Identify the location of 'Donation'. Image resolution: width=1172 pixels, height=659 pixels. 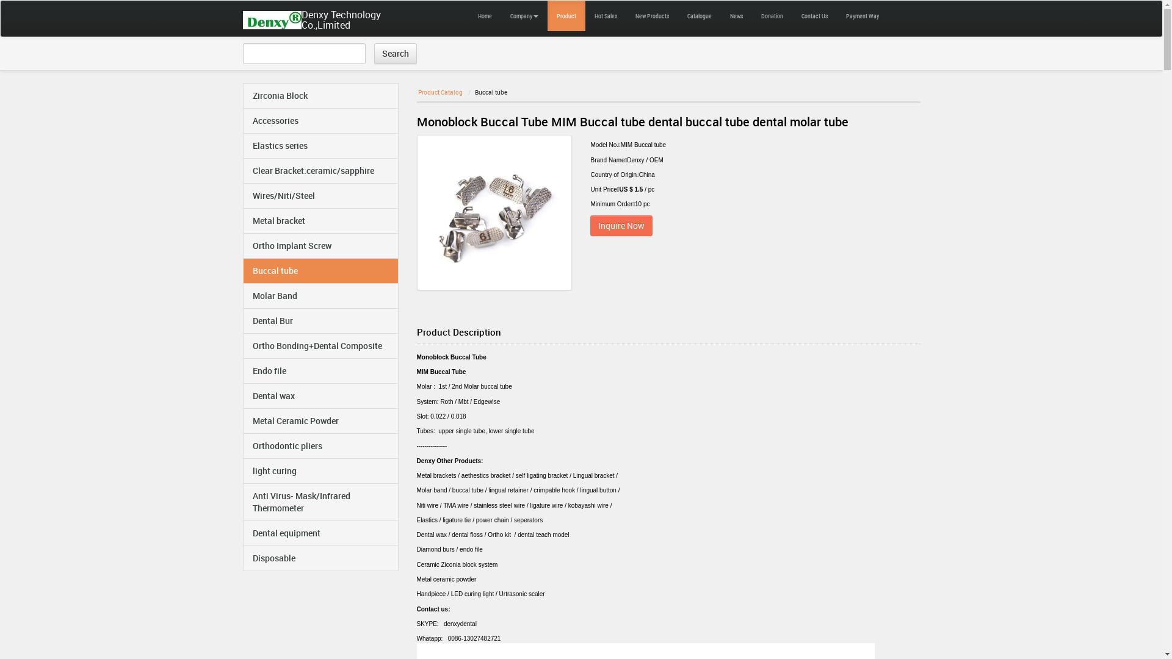
(772, 16).